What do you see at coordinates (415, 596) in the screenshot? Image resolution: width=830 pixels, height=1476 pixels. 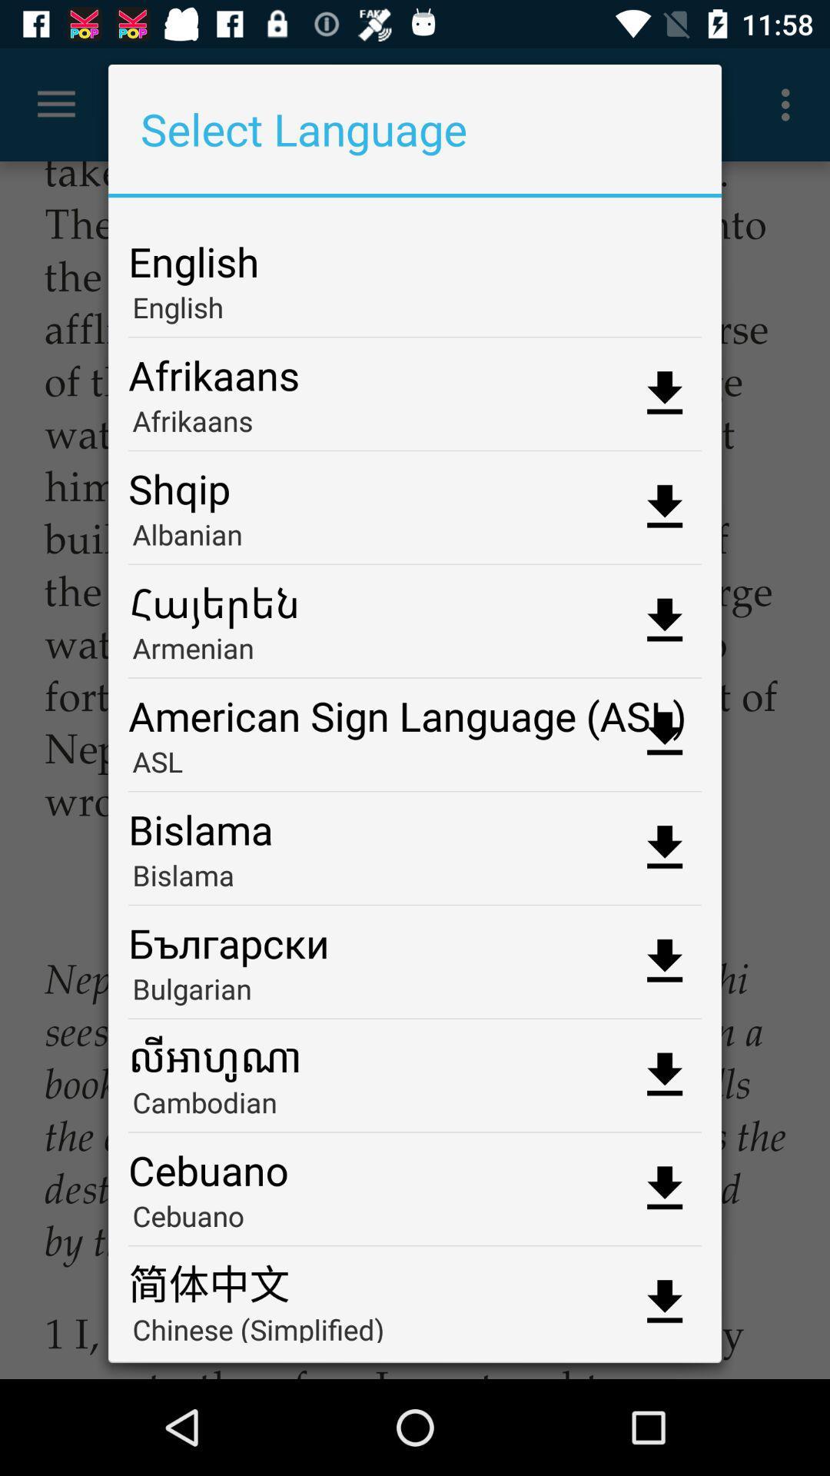 I see `the item above the armenian icon` at bounding box center [415, 596].